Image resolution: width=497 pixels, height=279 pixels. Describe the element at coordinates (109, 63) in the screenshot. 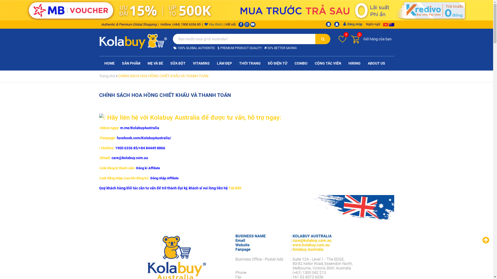

I see `'HOME'` at that location.